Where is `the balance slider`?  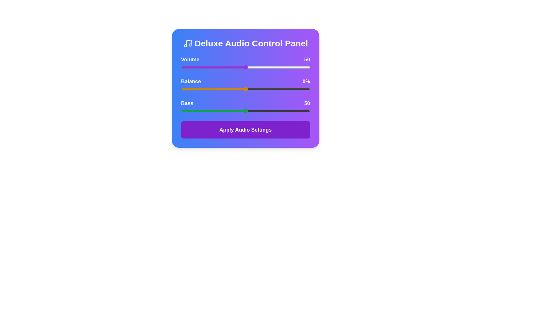
the balance slider is located at coordinates (255, 89).